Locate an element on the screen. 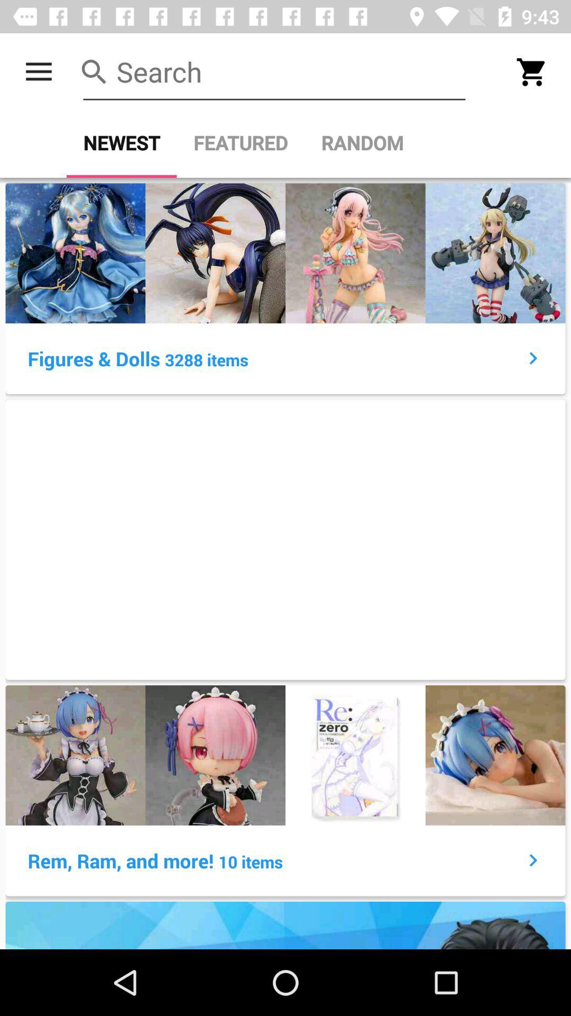 Image resolution: width=571 pixels, height=1016 pixels. item next to newest is located at coordinates (241, 142).